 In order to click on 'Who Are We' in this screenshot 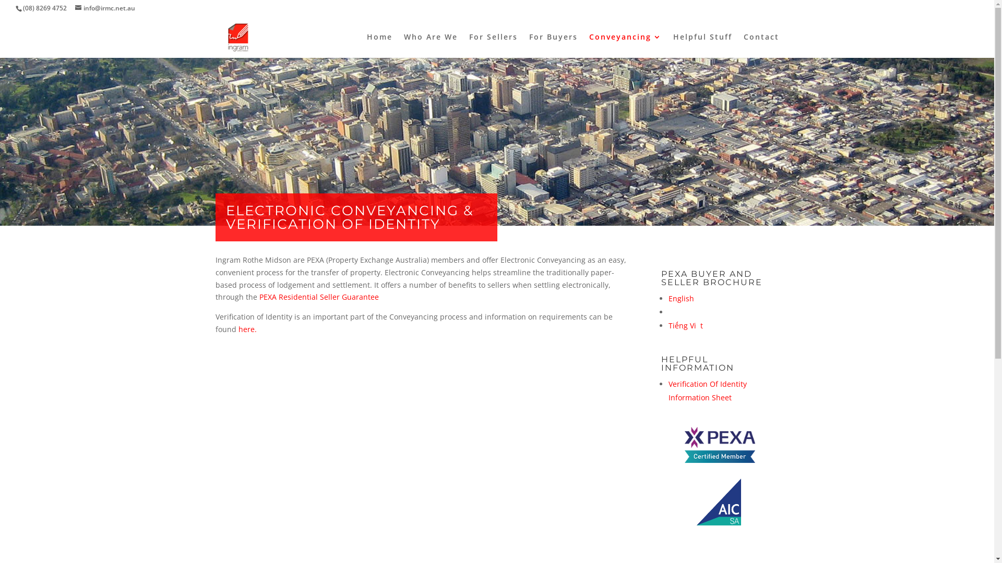, I will do `click(431, 45)`.